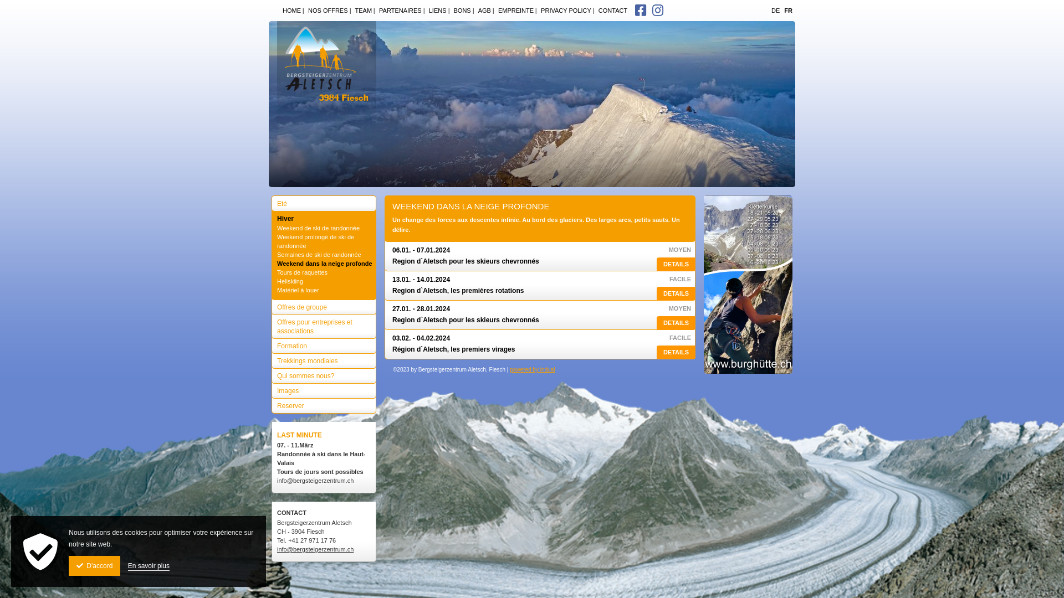 Image resolution: width=1064 pixels, height=598 pixels. I want to click on 'info@bergsteigerzentrum.ch', so click(315, 549).